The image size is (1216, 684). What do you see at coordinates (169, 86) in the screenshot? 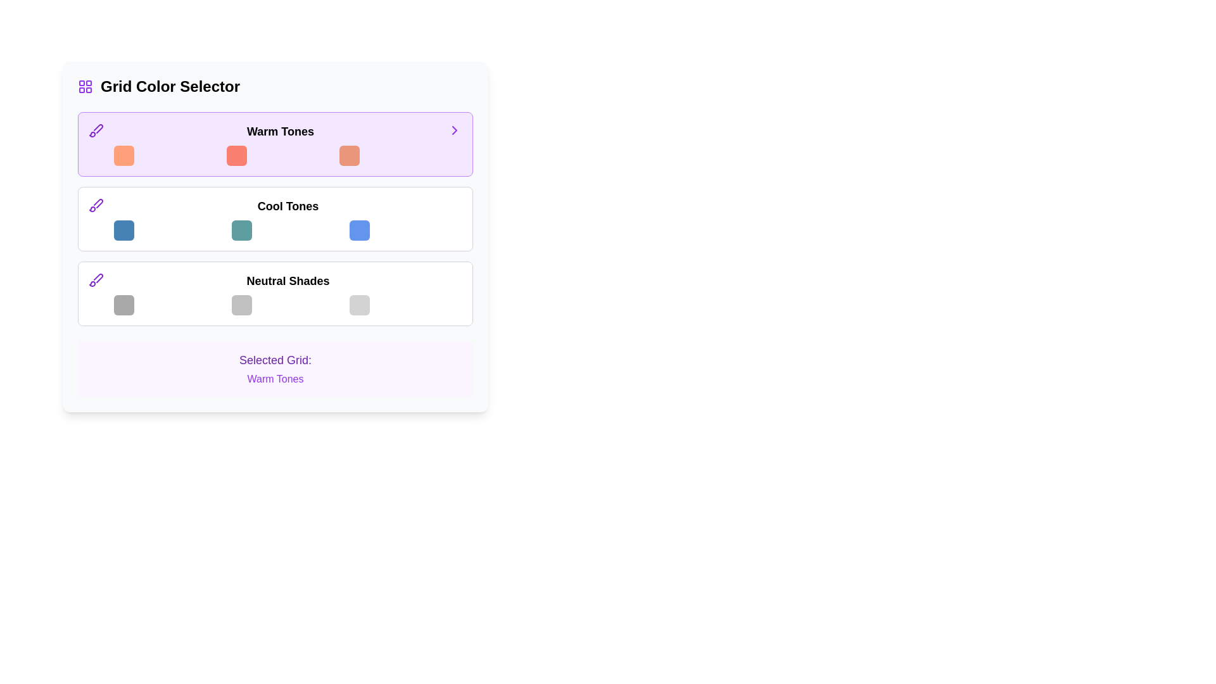
I see `the 'Grid Color Selector' text label, which is styled with bold, large typography and serves as the title for its associated grouping of elements` at bounding box center [169, 86].